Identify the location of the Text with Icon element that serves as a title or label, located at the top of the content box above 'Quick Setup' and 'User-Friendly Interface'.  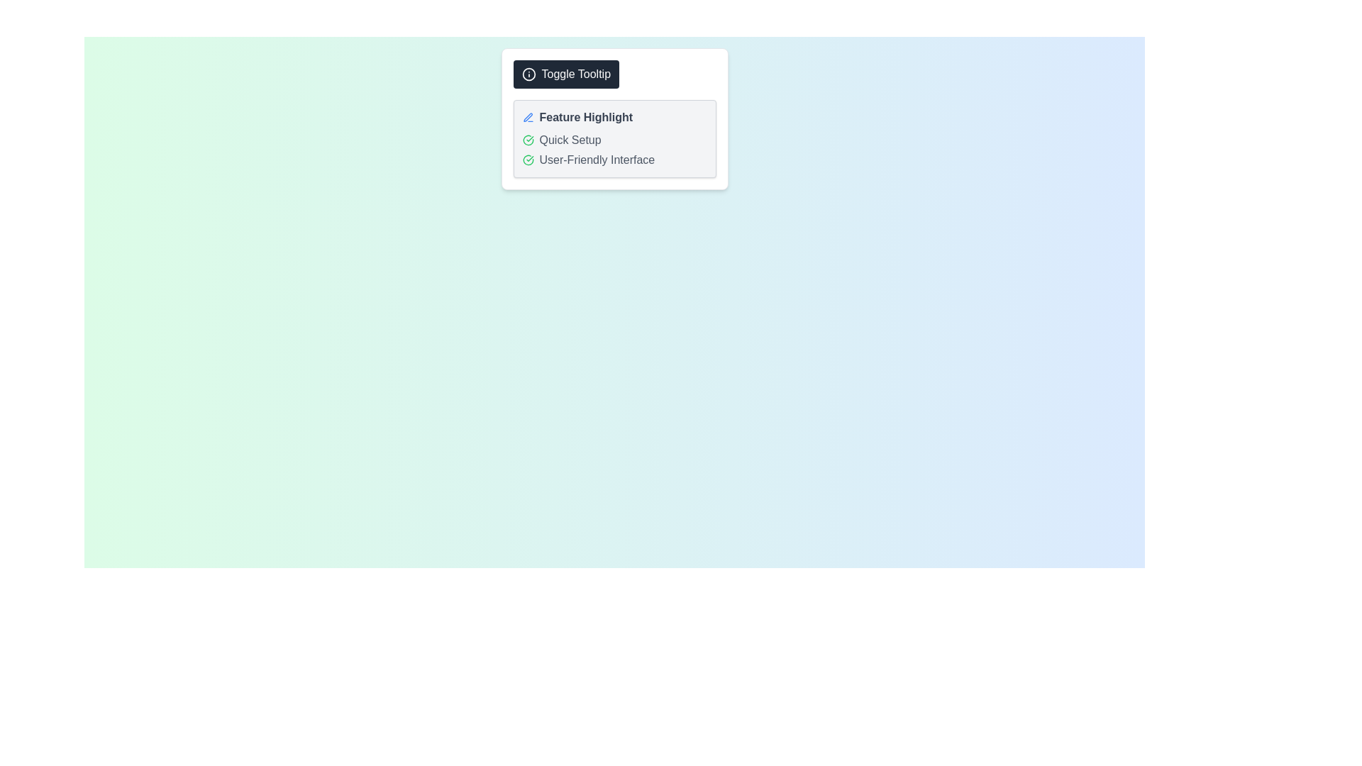
(614, 116).